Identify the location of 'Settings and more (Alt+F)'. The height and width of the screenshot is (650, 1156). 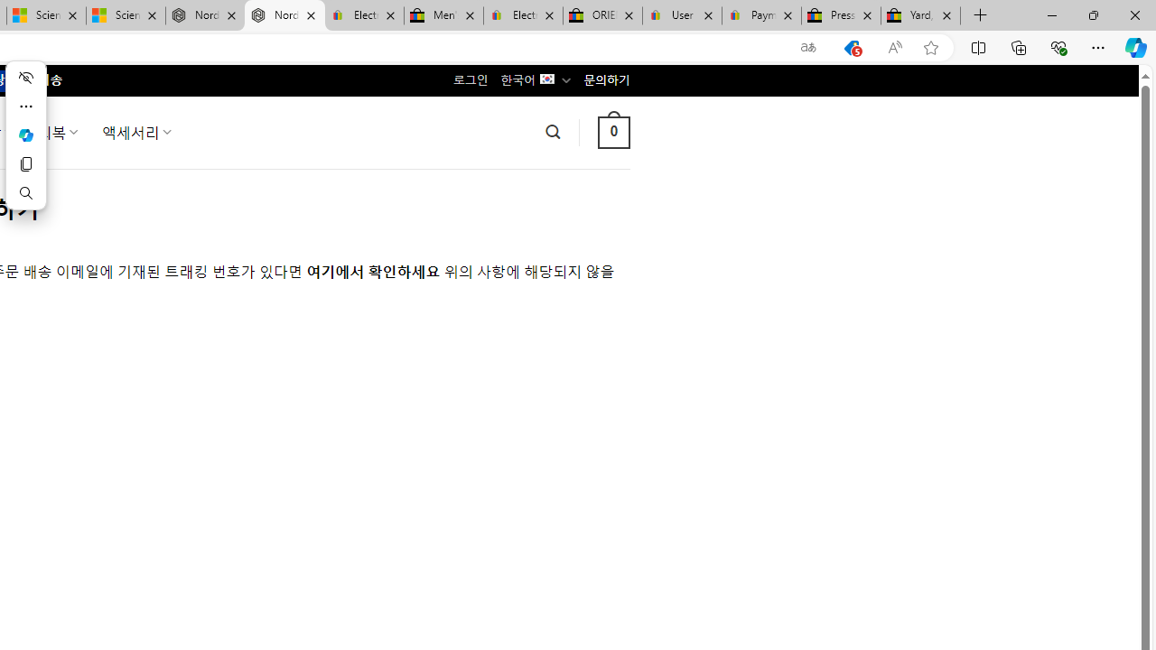
(1097, 46).